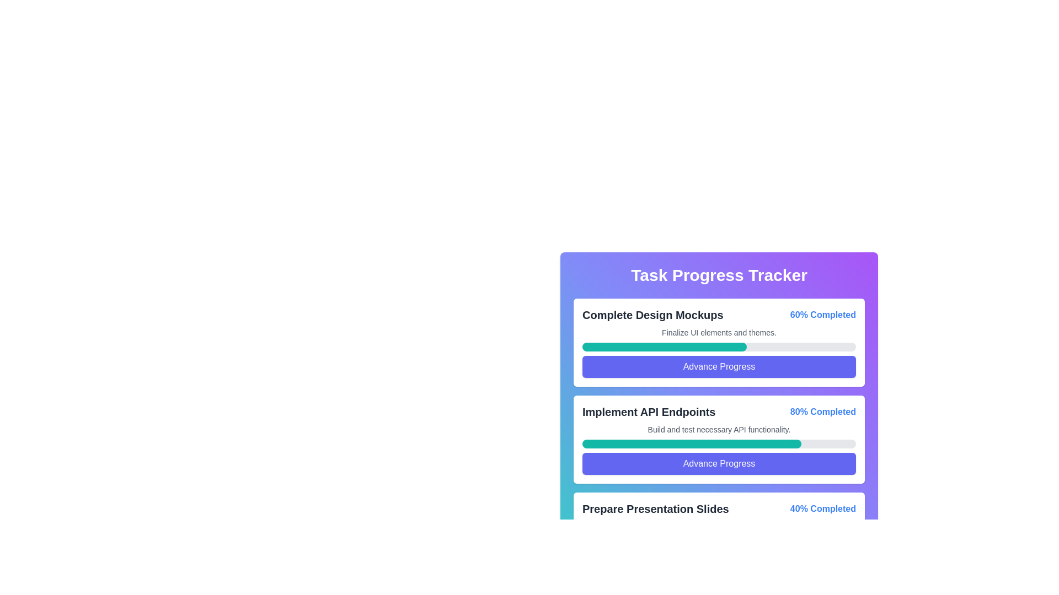 The image size is (1059, 595). I want to click on the button at the bottom of the task details card labeled 'Complete Design Mockups', so click(719, 367).